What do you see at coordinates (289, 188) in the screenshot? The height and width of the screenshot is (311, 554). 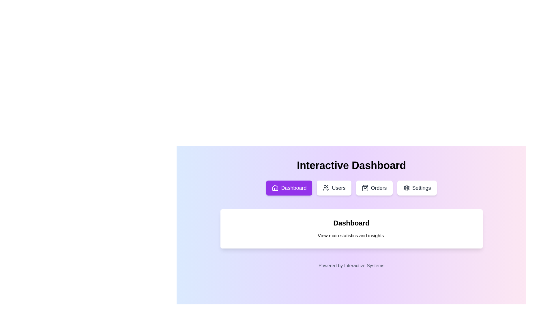 I see `the first button in the navigation bar to observe the scaling animation` at bounding box center [289, 188].